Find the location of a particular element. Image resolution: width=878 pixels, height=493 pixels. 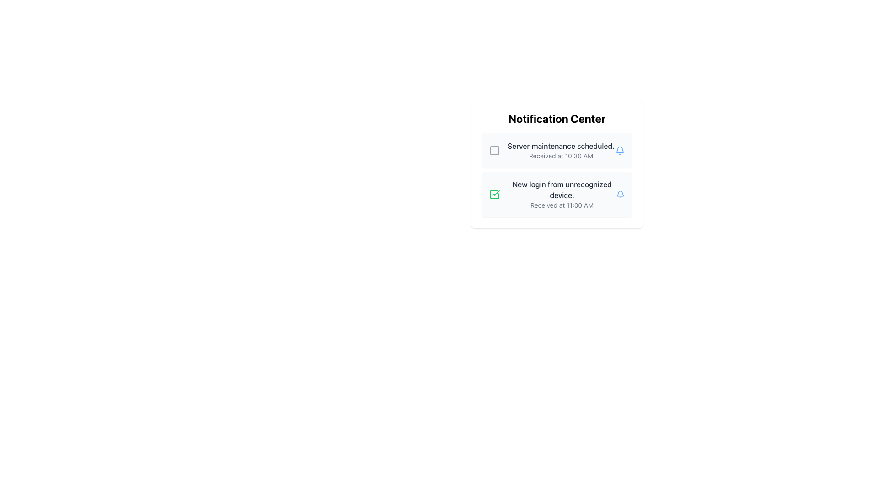

the blue bell icon located in the notification center, adjacent to the text 'Server maintenance scheduled' is located at coordinates (620, 149).